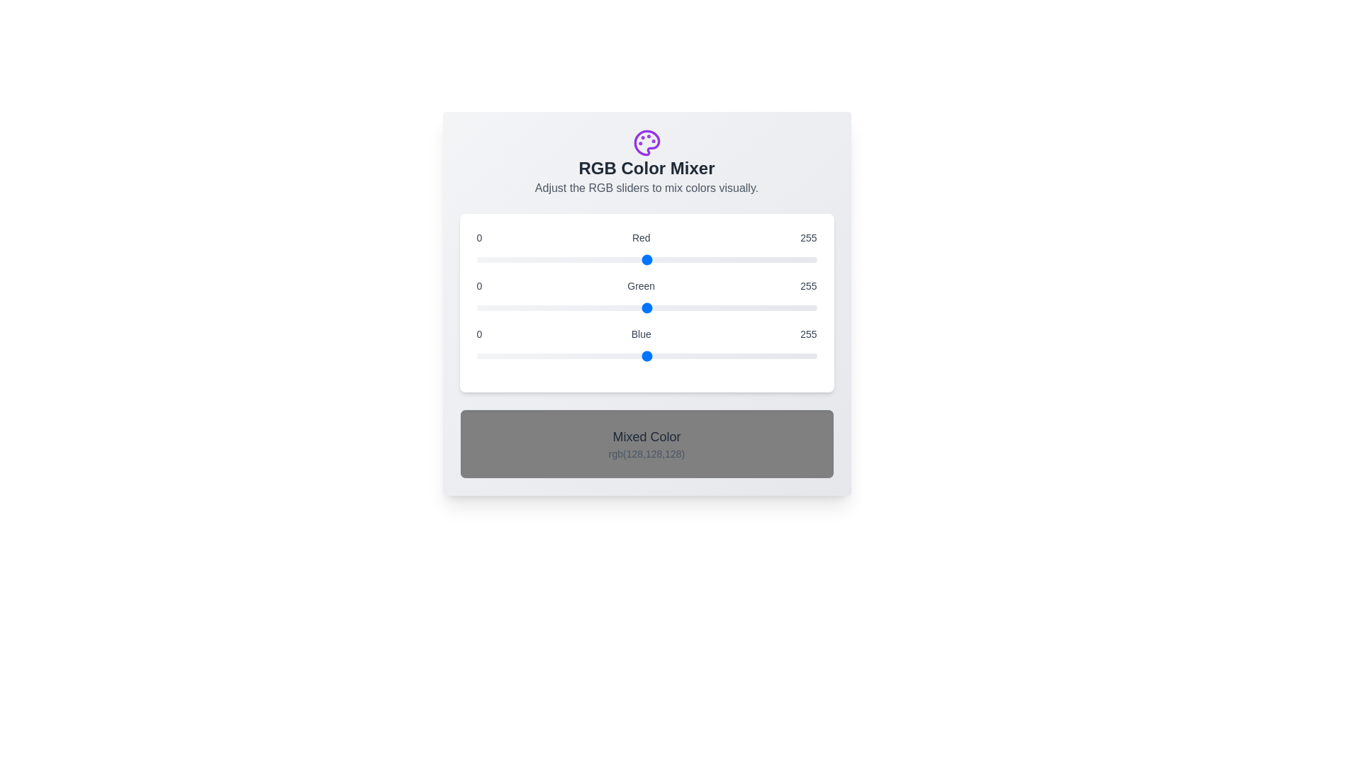 The width and height of the screenshot is (1361, 765). Describe the element at coordinates (788, 259) in the screenshot. I see `the red slider to set the red component to 234` at that location.